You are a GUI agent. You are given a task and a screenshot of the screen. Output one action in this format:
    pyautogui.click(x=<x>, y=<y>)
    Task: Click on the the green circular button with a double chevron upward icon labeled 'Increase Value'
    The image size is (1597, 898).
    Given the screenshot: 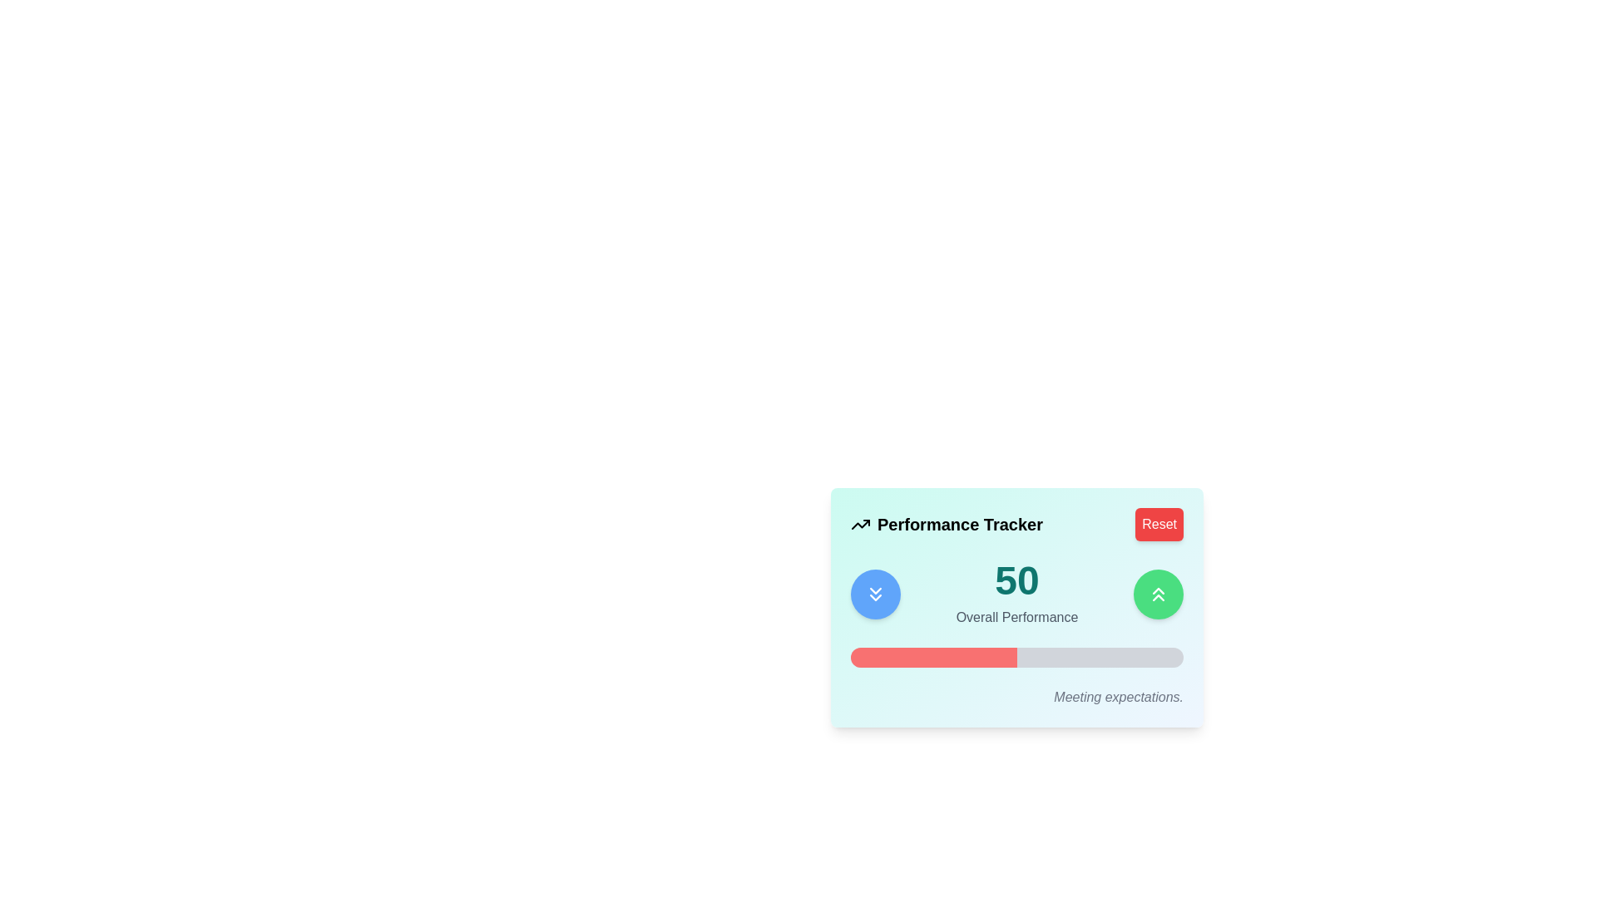 What is the action you would take?
    pyautogui.click(x=1157, y=593)
    